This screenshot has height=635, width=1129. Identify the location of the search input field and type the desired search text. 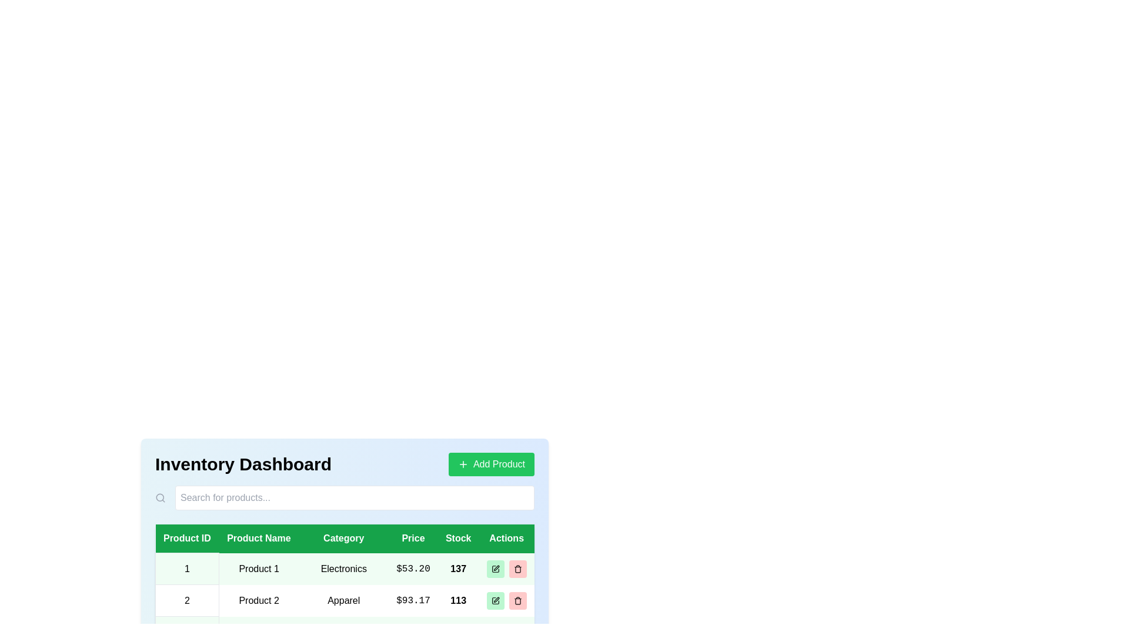
(174, 498).